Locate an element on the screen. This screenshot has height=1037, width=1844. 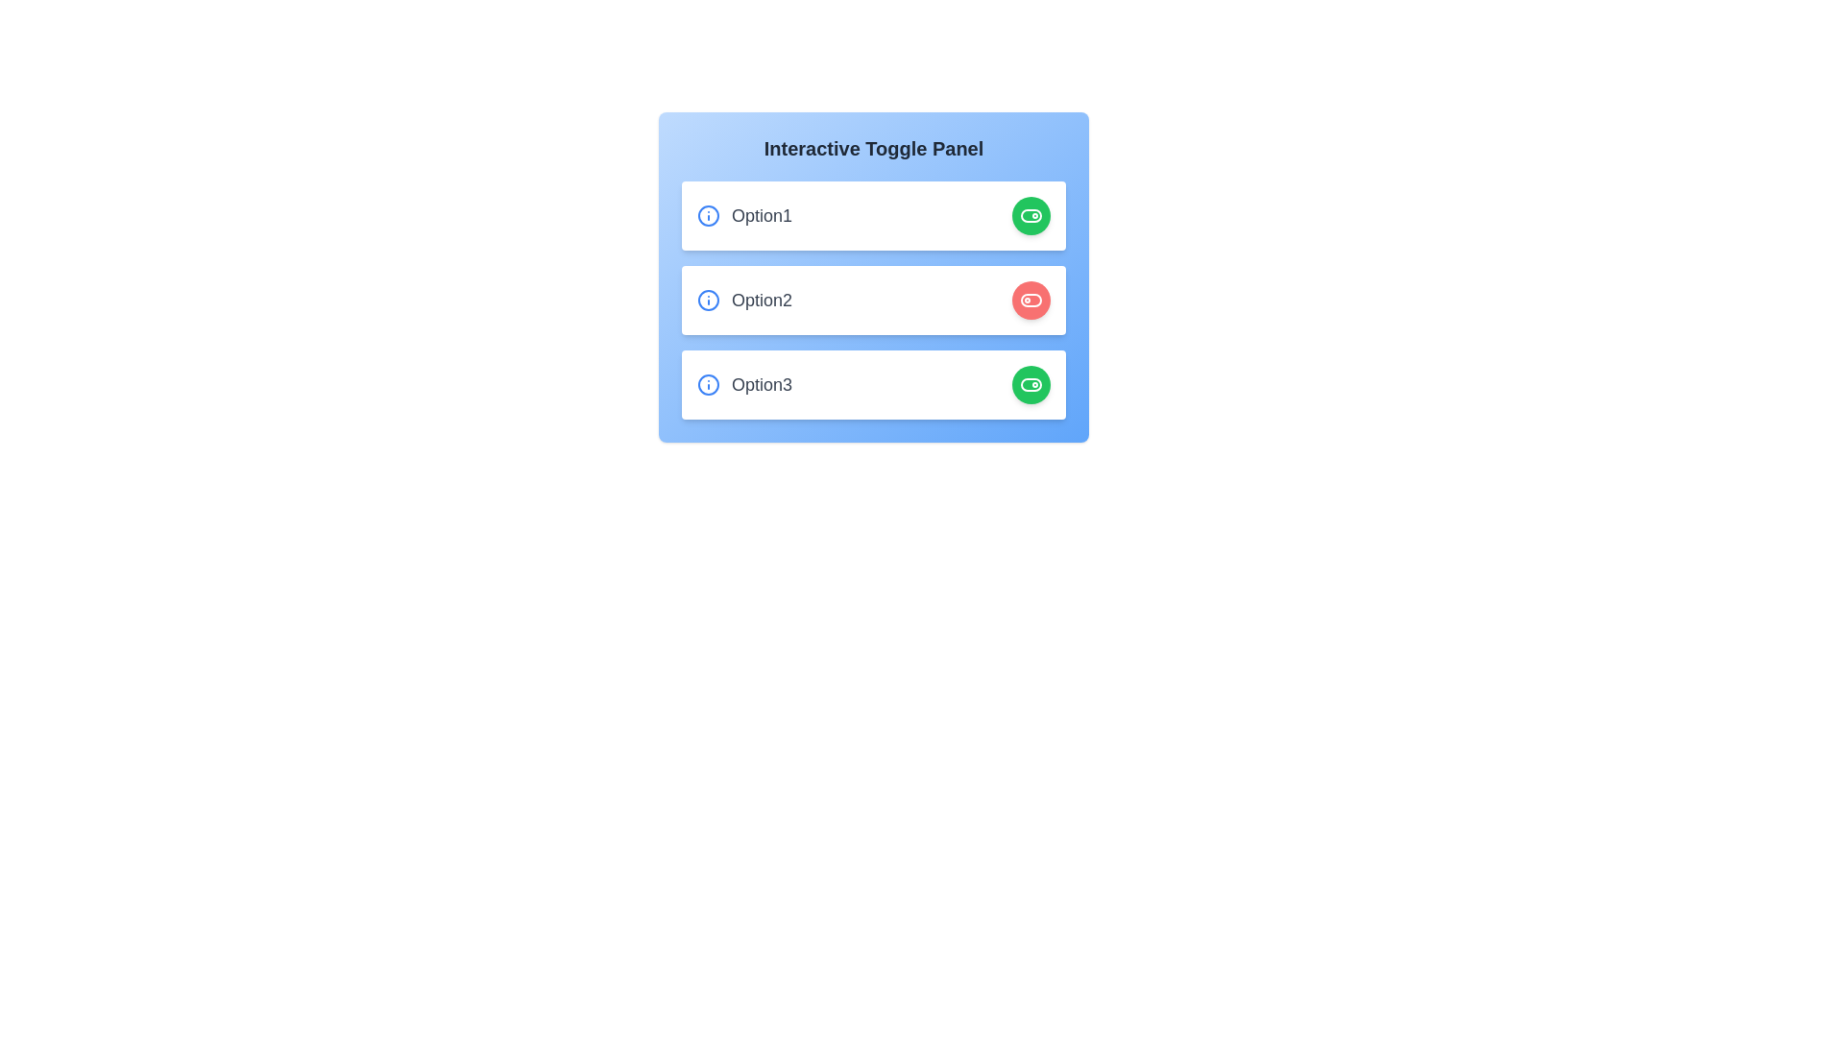
the information icon next to option3 to inspect it is located at coordinates (708, 385).